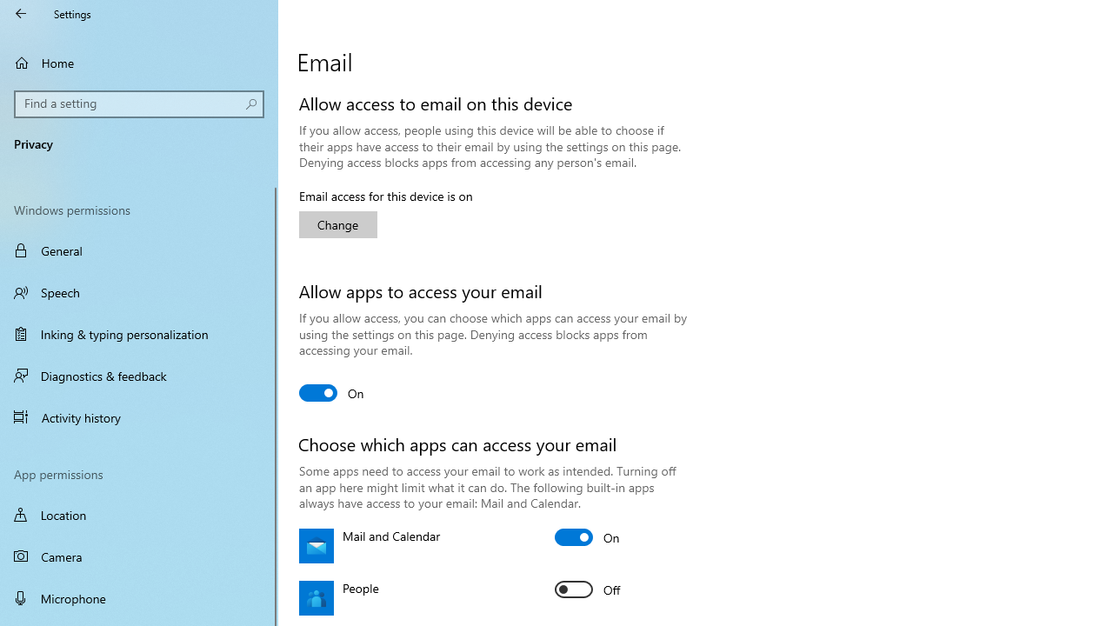 This screenshot has height=626, width=1113. I want to click on 'Change', so click(338, 223).